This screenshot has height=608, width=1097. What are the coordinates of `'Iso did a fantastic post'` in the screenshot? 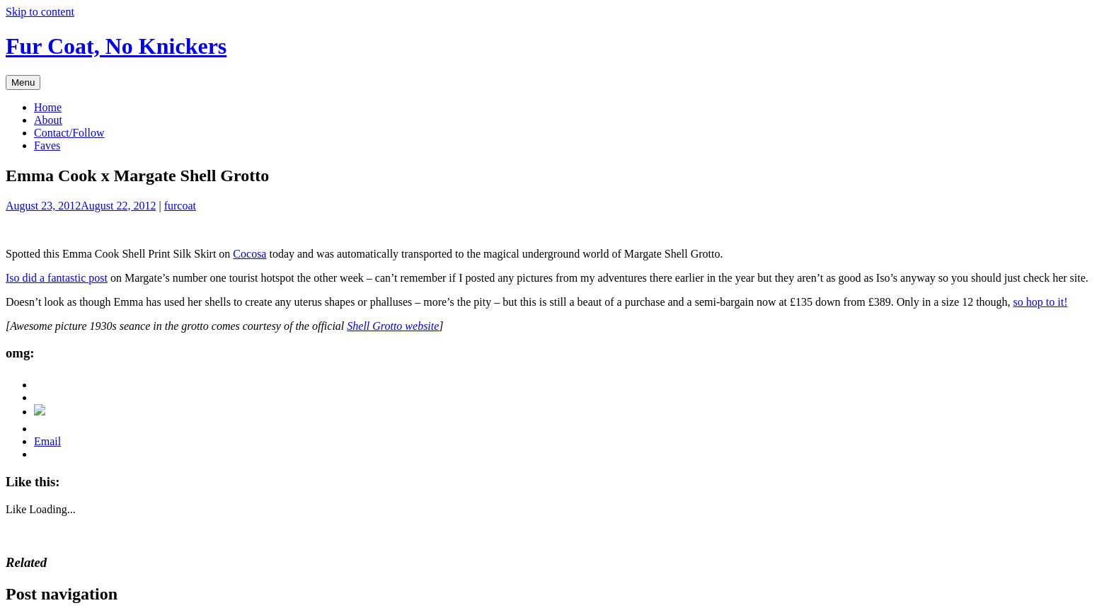 It's located at (56, 277).